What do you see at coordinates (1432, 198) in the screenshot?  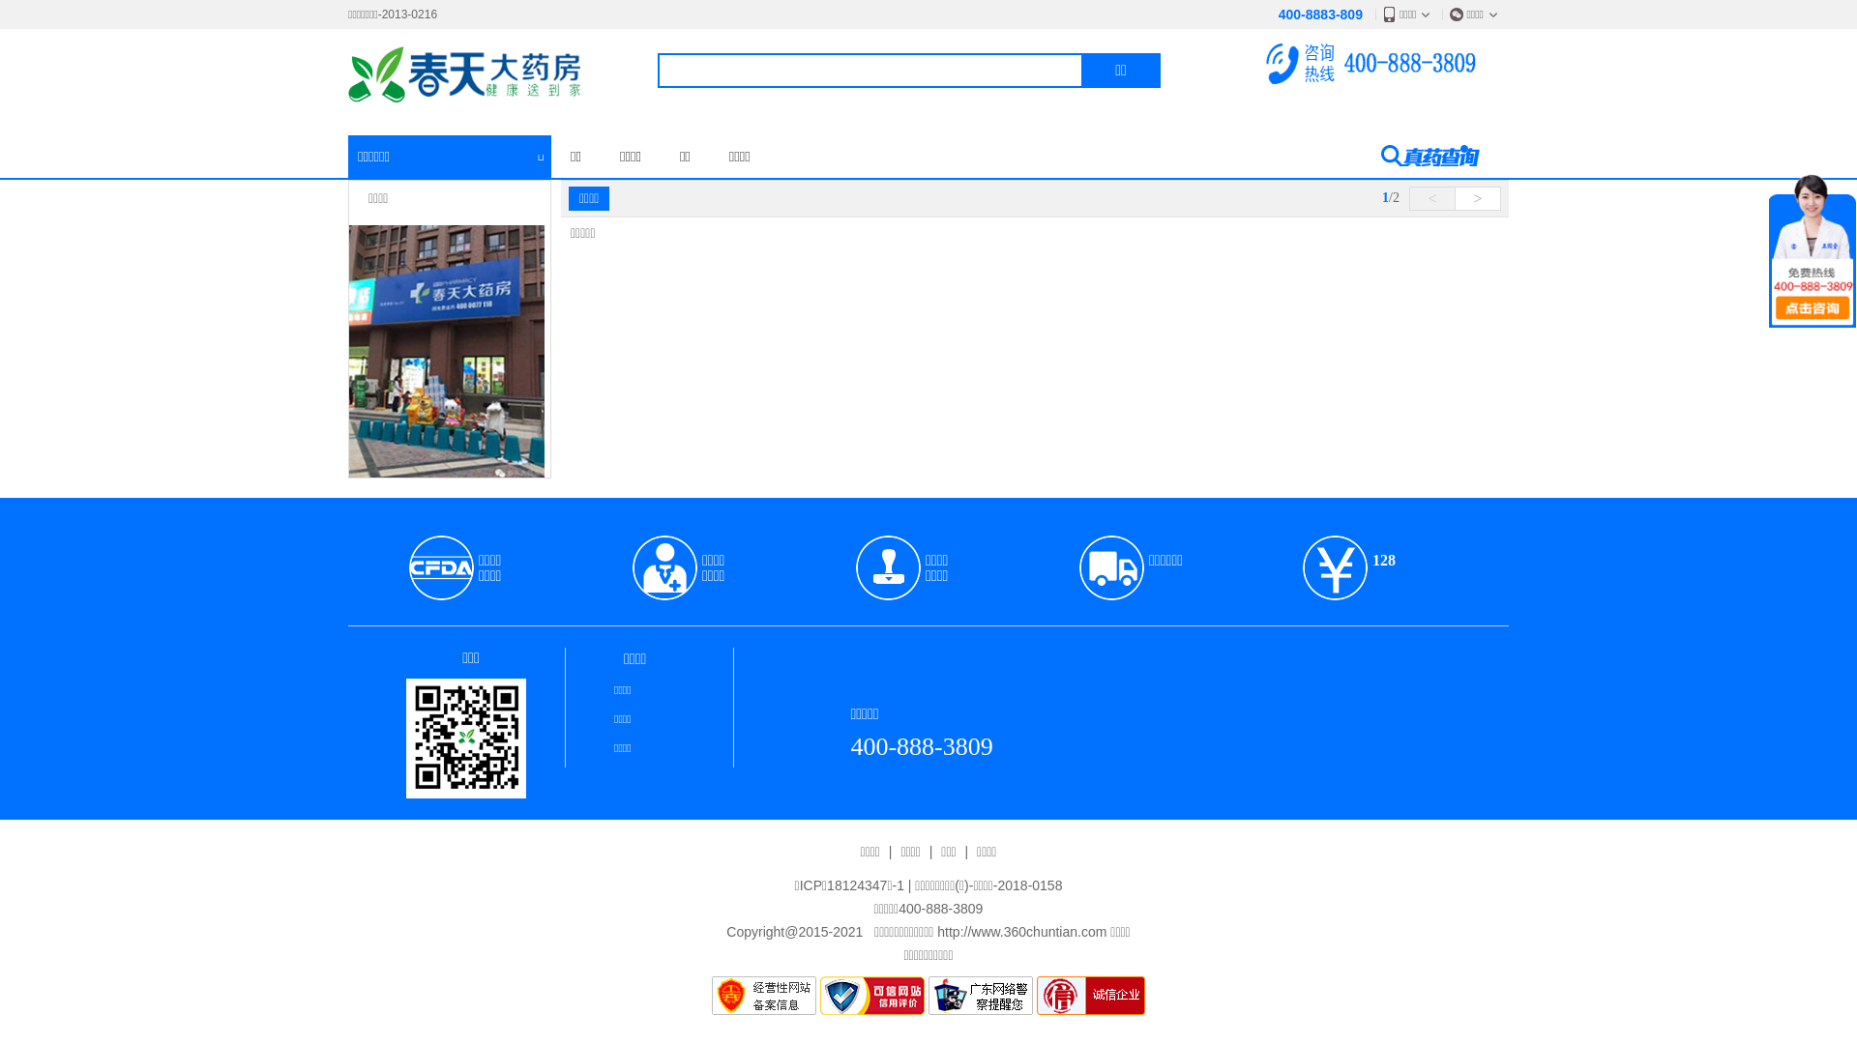 I see `'<'` at bounding box center [1432, 198].